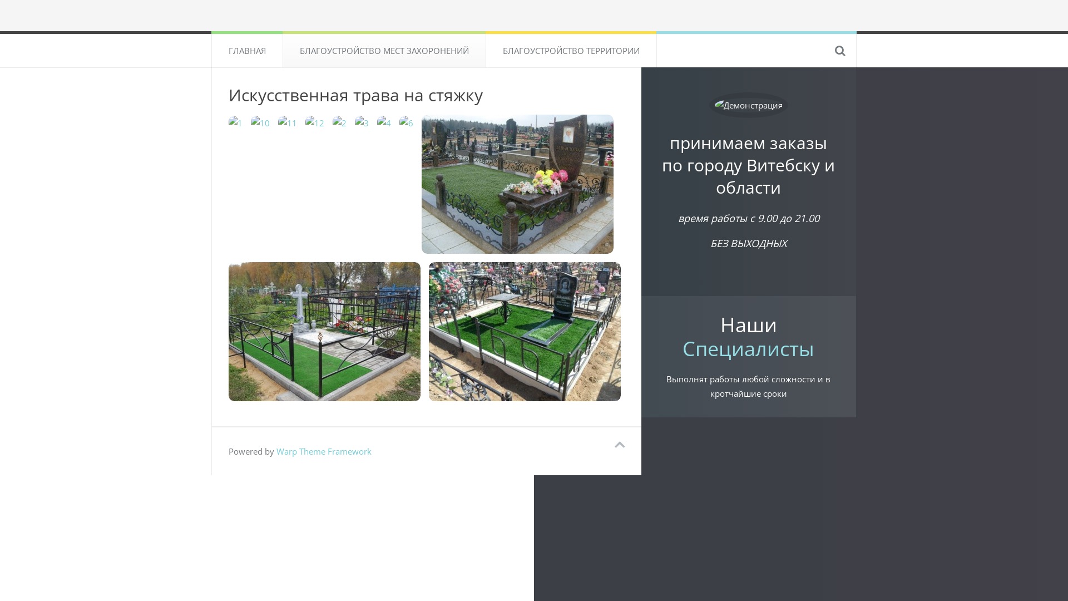 The height and width of the screenshot is (601, 1068). Describe the element at coordinates (524, 331) in the screenshot. I see `'9'` at that location.